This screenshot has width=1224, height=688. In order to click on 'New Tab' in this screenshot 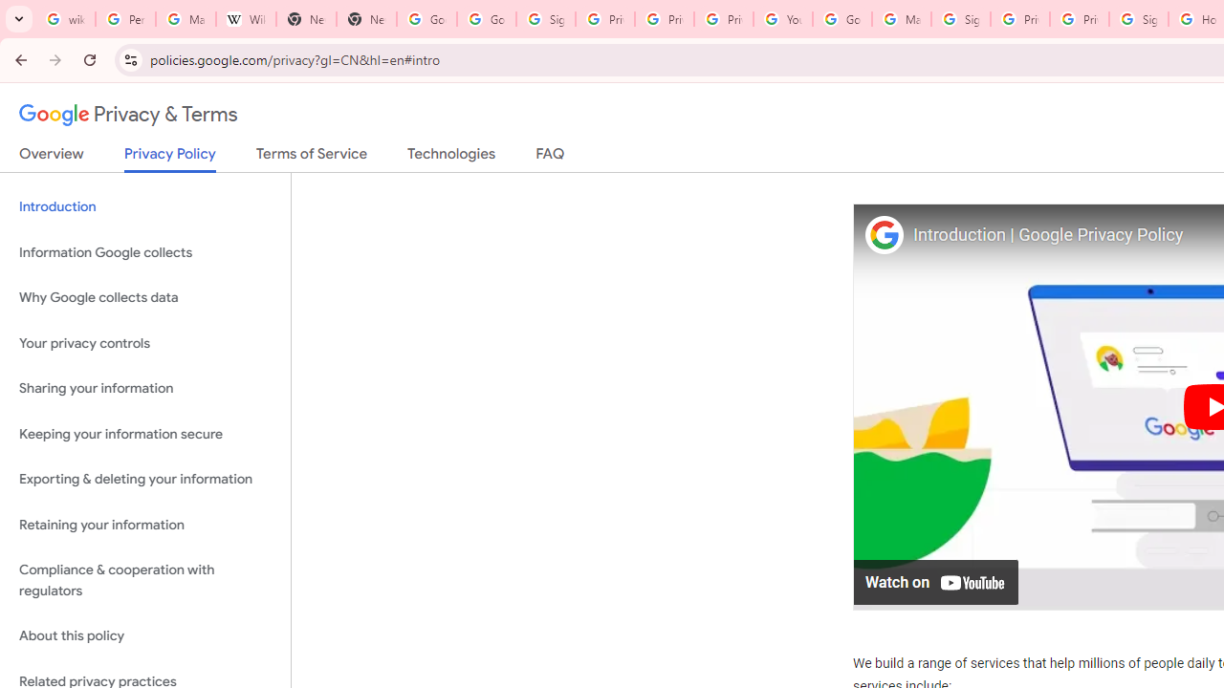, I will do `click(306, 19)`.